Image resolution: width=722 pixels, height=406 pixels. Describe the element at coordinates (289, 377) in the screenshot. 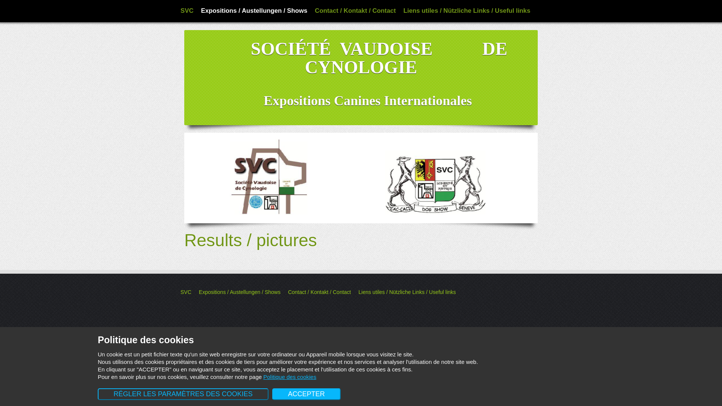

I see `'Politique des cookies'` at that location.